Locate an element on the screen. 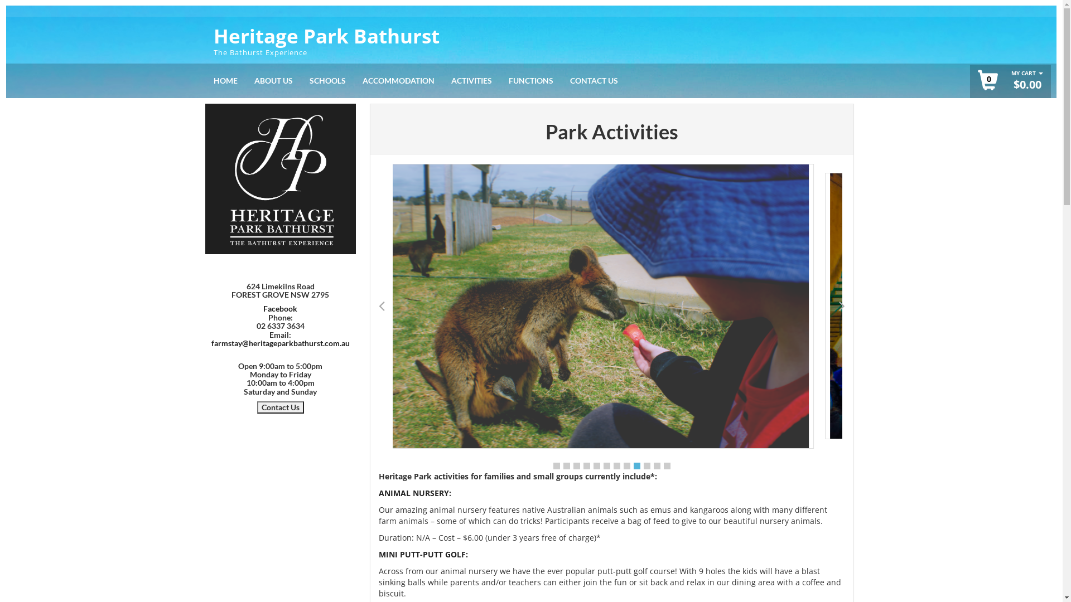  'MINI PUTT-PUTT GOLF:' is located at coordinates (422, 554).